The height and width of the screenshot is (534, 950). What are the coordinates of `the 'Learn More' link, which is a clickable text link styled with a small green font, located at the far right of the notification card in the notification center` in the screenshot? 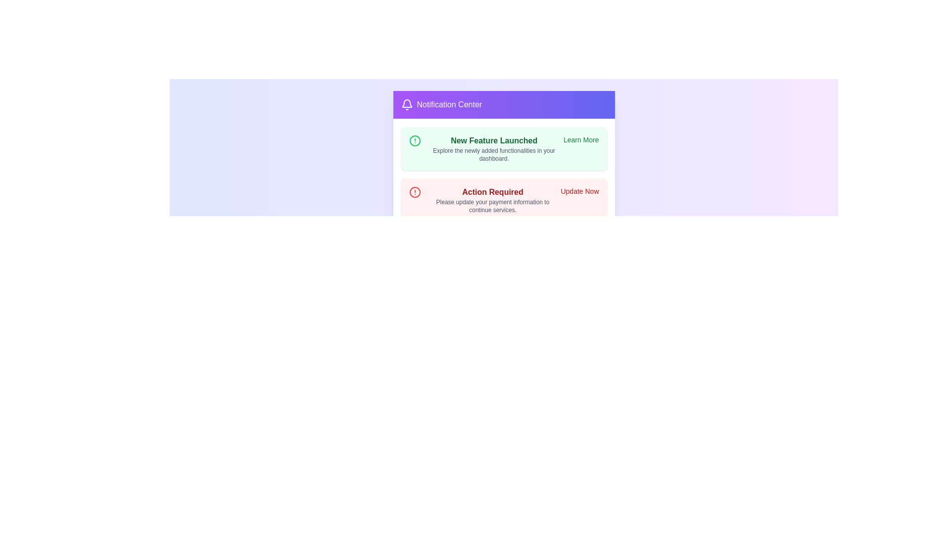 It's located at (581, 139).